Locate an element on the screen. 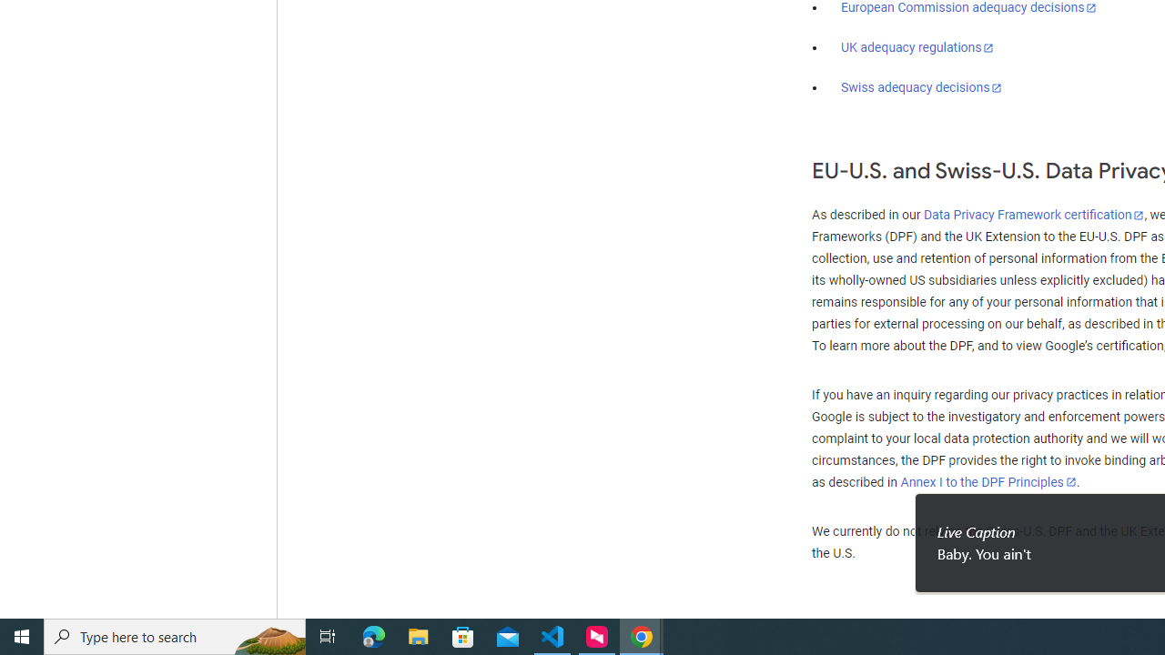  'Data Privacy Framework certification' is located at coordinates (1034, 215).